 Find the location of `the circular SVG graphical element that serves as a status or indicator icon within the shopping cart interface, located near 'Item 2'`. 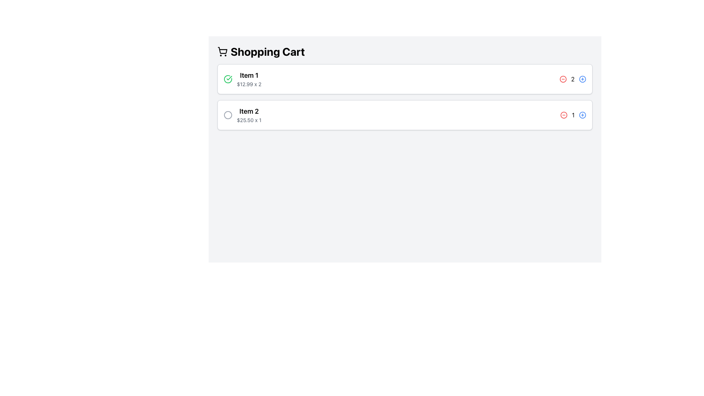

the circular SVG graphical element that serves as a status or indicator icon within the shopping cart interface, located near 'Item 2' is located at coordinates (228, 115).